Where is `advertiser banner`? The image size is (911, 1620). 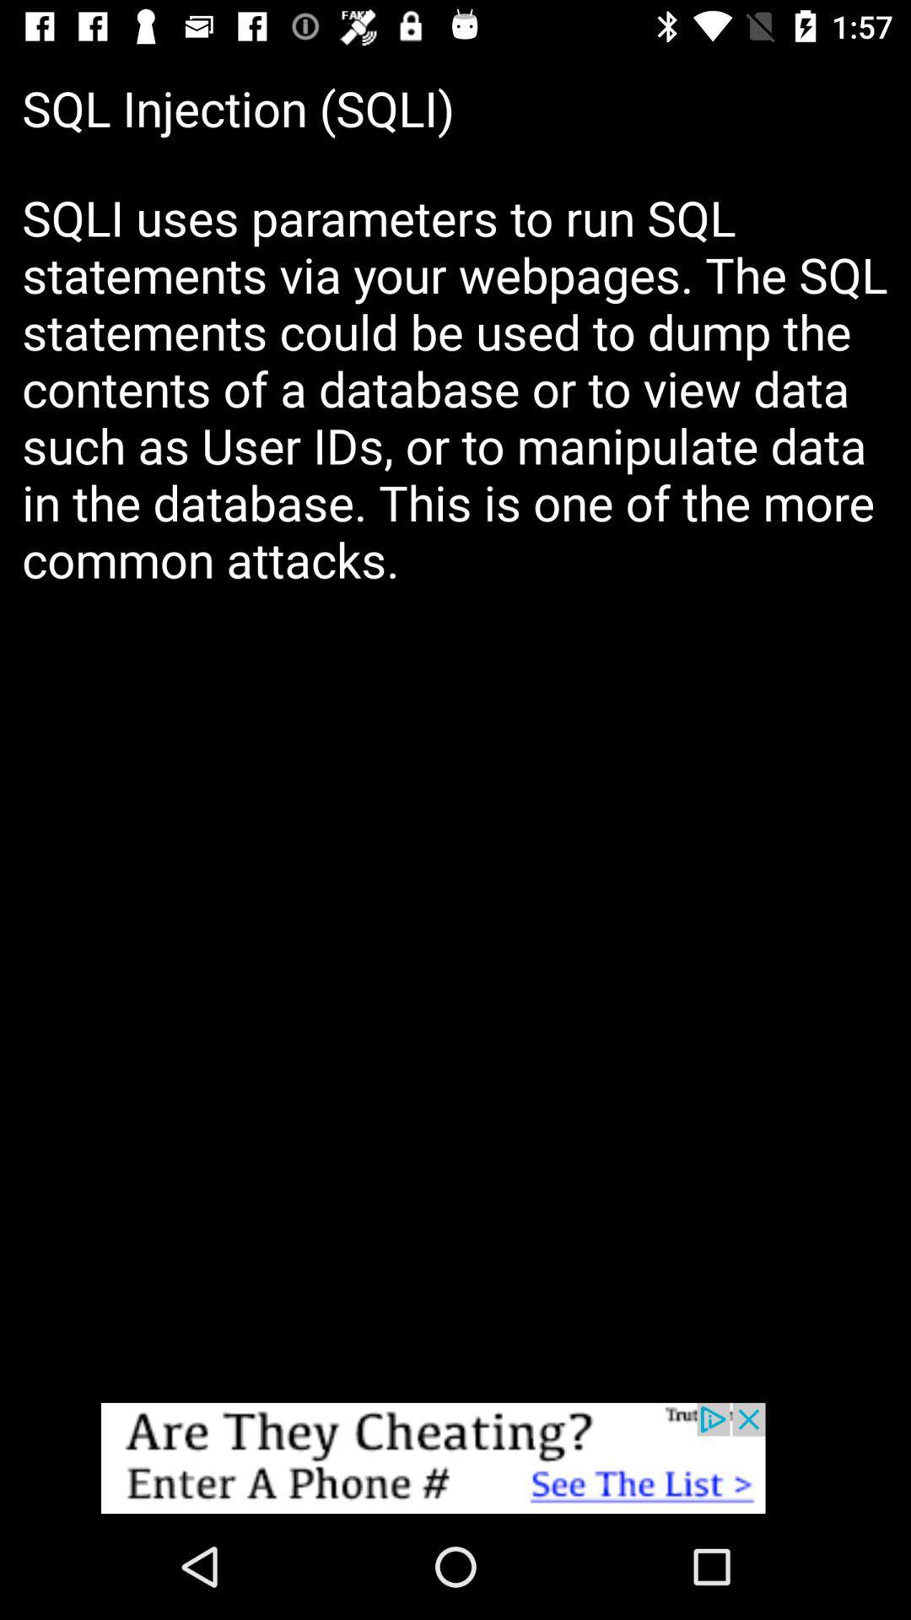
advertiser banner is located at coordinates (455, 1457).